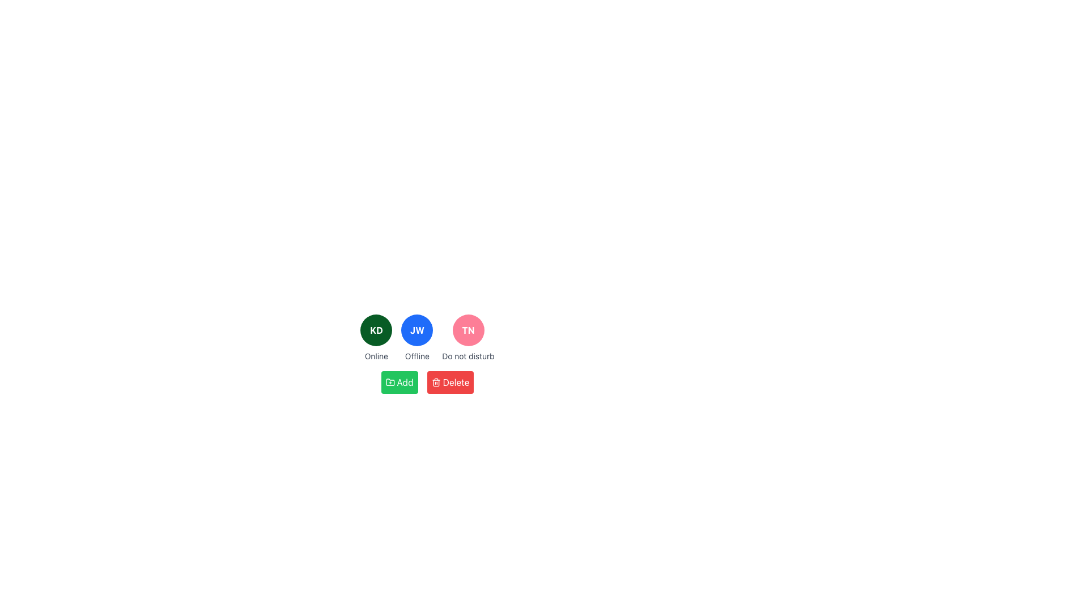 Image resolution: width=1088 pixels, height=612 pixels. Describe the element at coordinates (435, 382) in the screenshot. I see `the trash bin icon located within the red 'Delete' button at the bottom right corner of the interface` at that location.